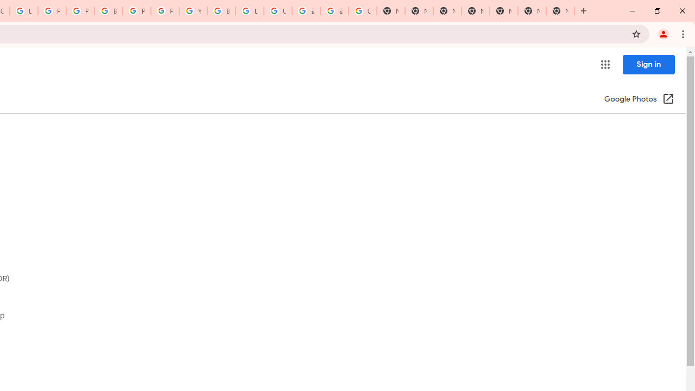 This screenshot has height=391, width=695. I want to click on 'Google Photos (Open in a new window)', so click(639, 99).